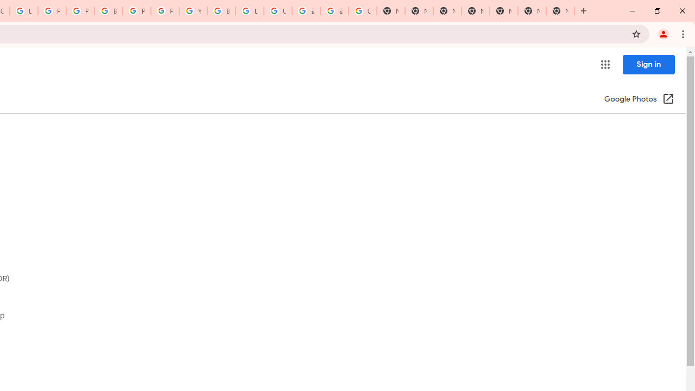 This screenshot has height=391, width=695. I want to click on 'Google Photos (Open in a new window)', so click(639, 99).